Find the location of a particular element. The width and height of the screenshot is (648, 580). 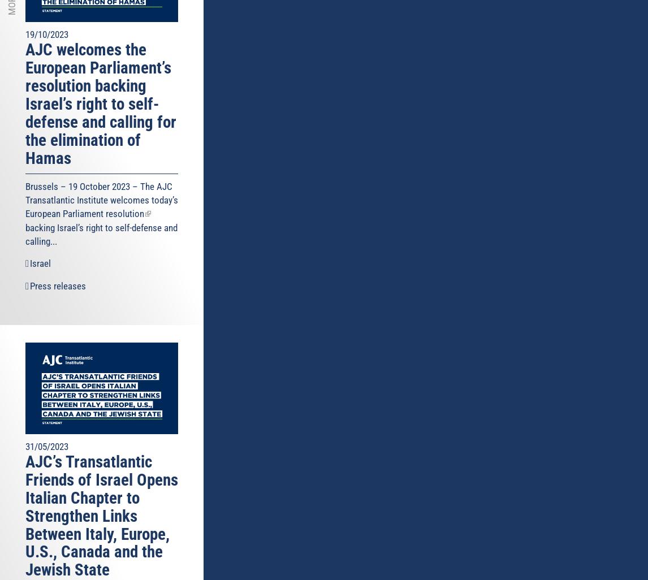

'19/10/2023' is located at coordinates (46, 34).